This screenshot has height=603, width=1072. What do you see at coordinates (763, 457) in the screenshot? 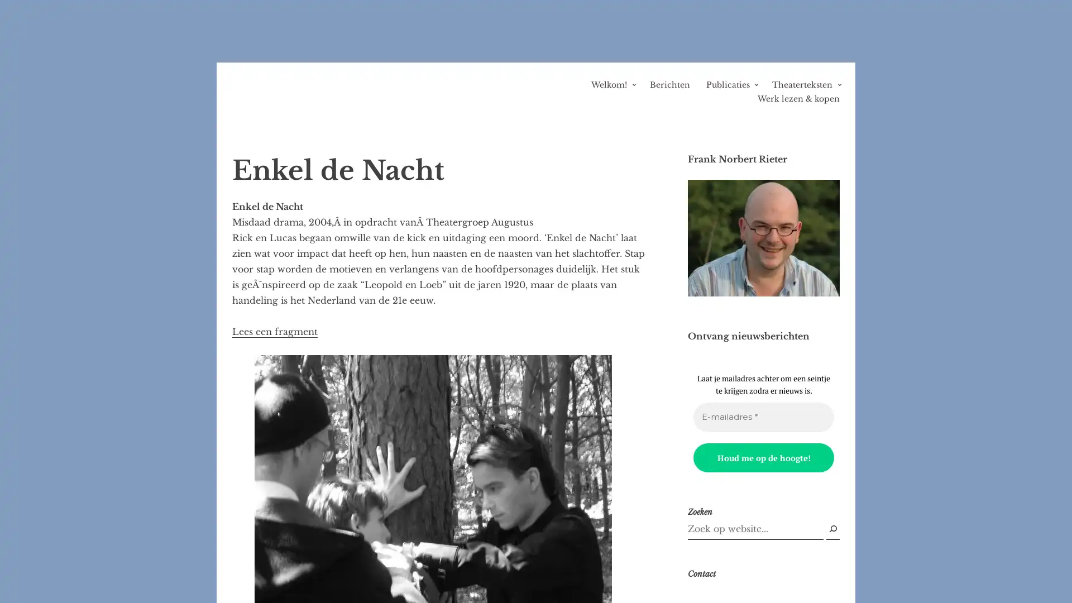
I see `Houd me op de hoogte!` at bounding box center [763, 457].